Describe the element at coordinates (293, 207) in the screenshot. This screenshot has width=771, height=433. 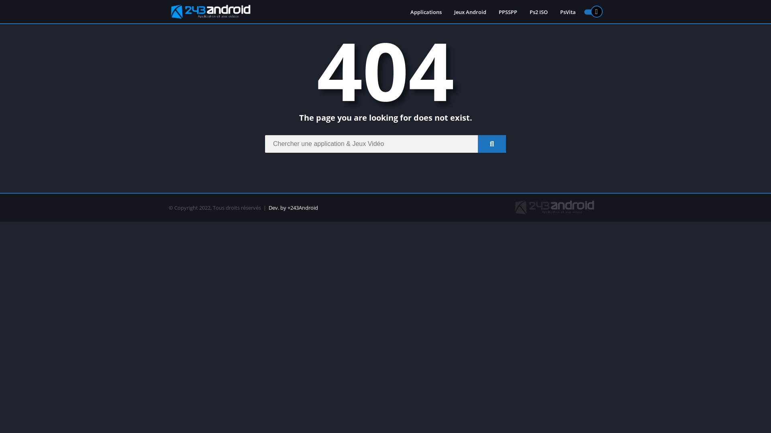
I see `'Dev. by +243Android'` at that location.